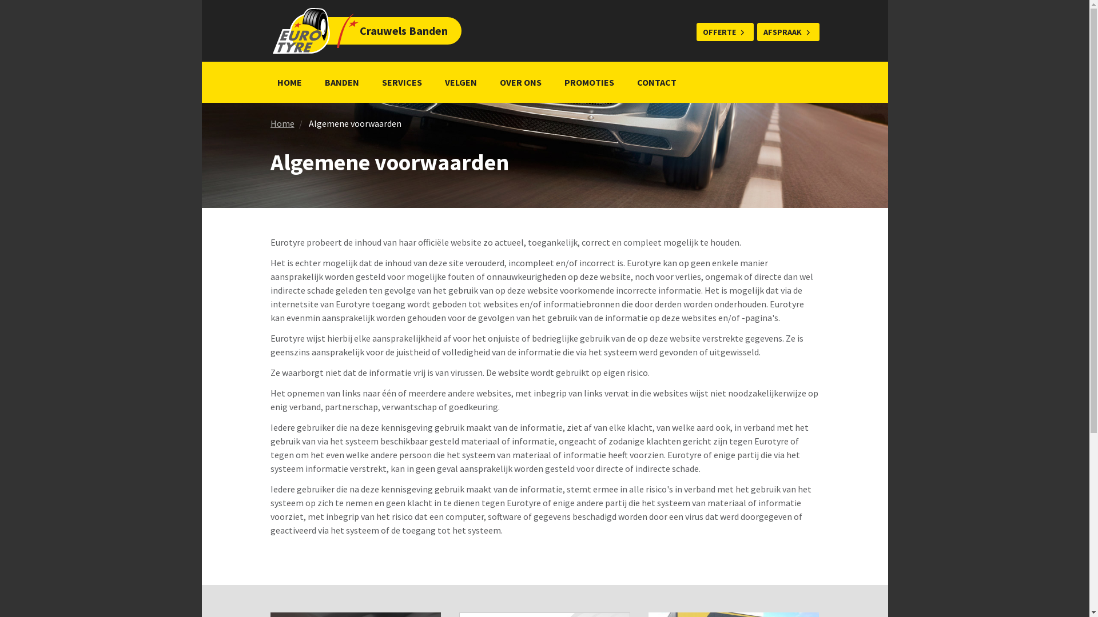  What do you see at coordinates (348, 30) in the screenshot?
I see `'Crauwels Banden'` at bounding box center [348, 30].